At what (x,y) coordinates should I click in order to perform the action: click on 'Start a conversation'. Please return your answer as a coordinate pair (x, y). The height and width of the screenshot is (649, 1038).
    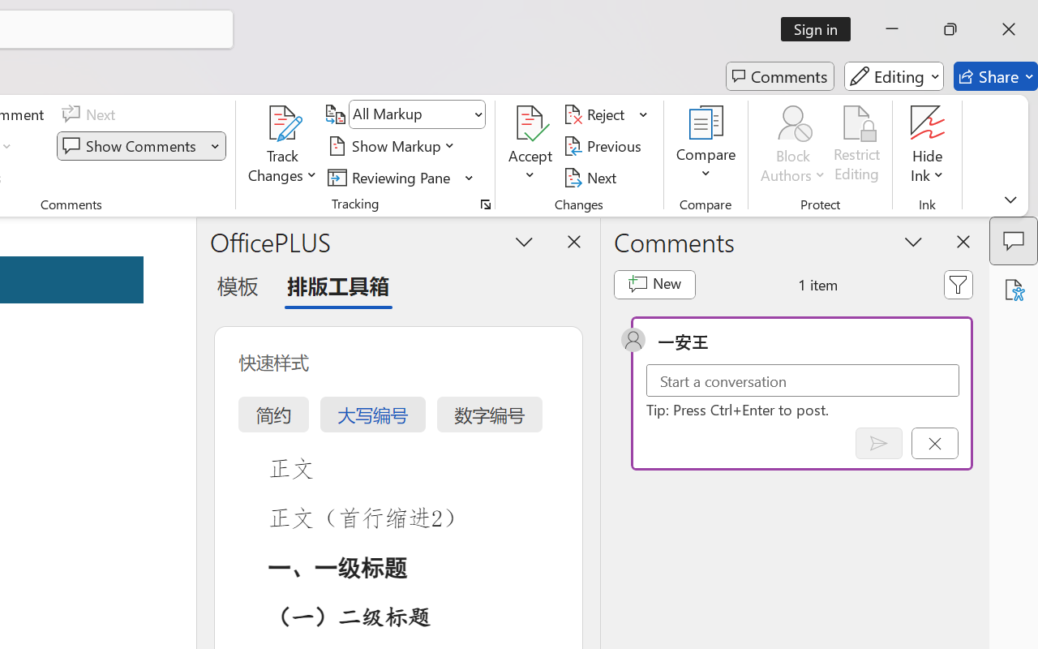
    Looking at the image, I should click on (803, 380).